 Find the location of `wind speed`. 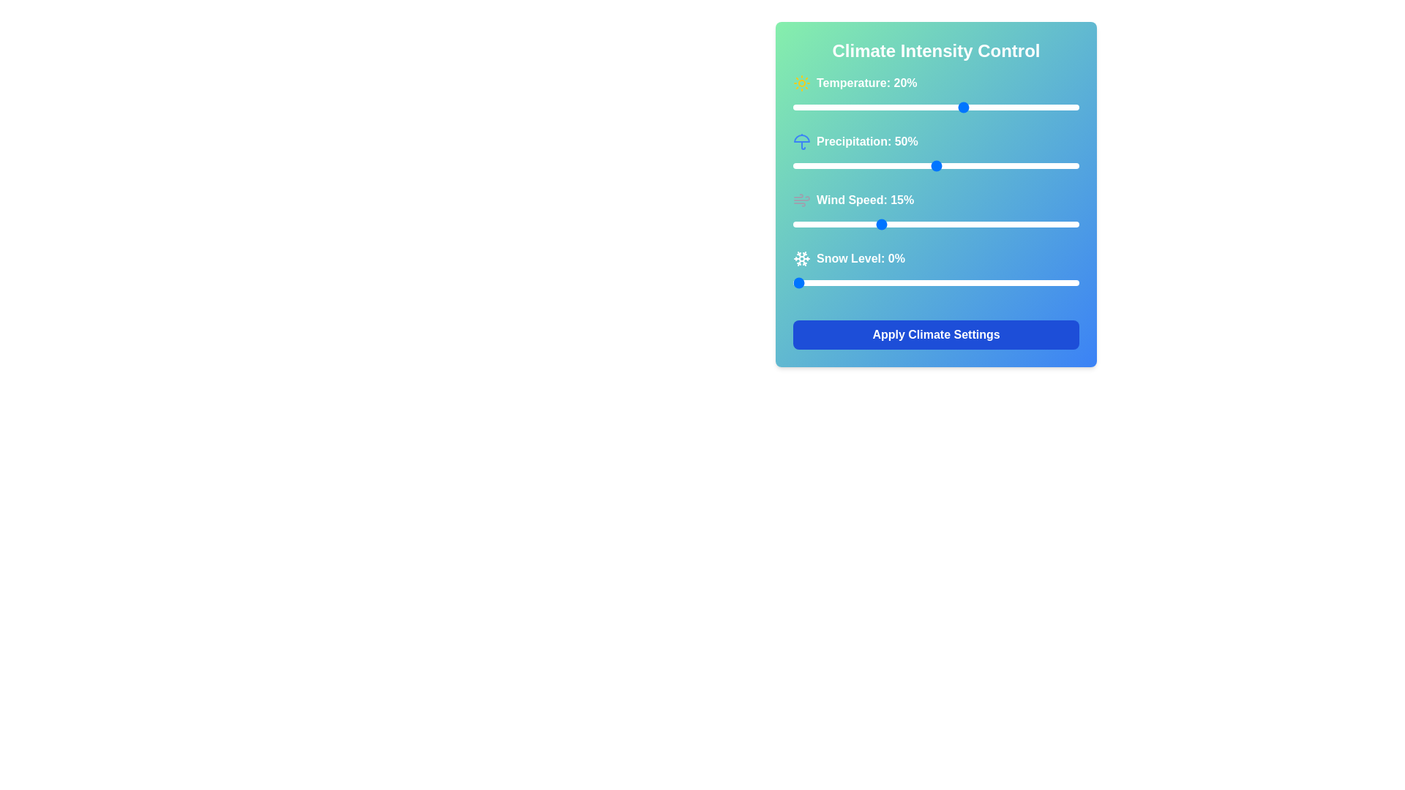

wind speed is located at coordinates (1004, 225).